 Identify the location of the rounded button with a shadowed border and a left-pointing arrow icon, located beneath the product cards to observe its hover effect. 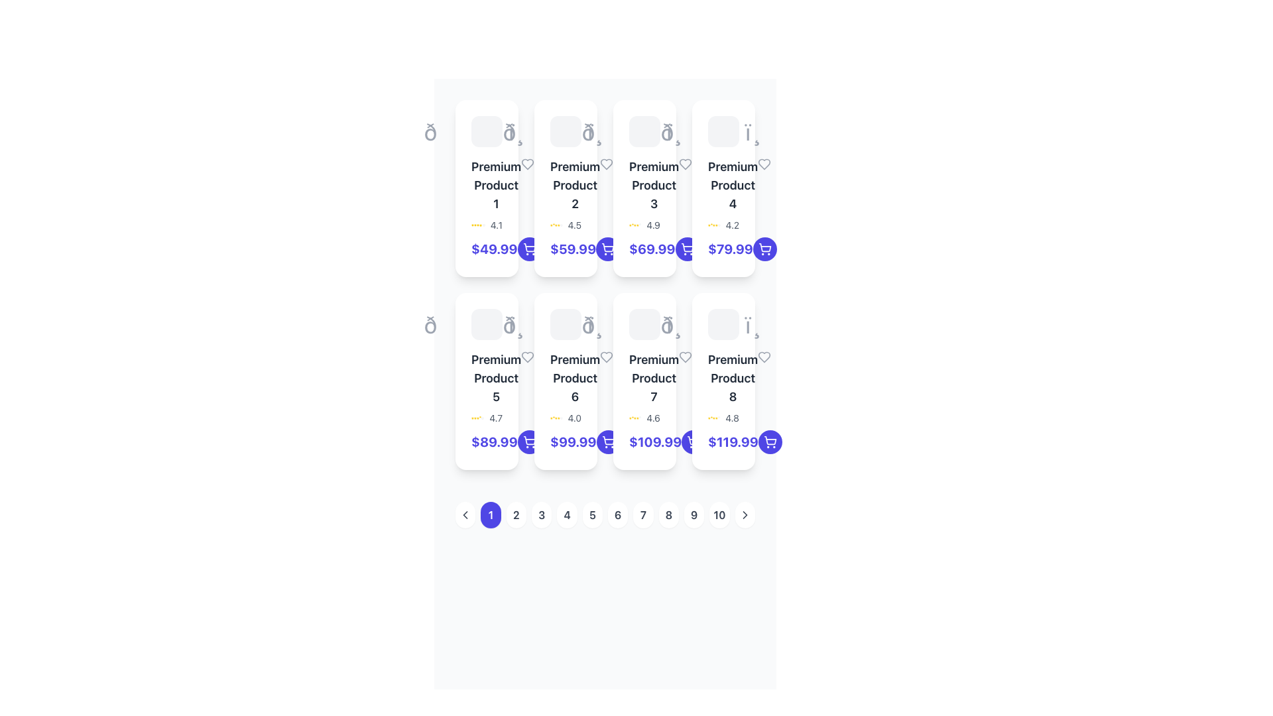
(465, 514).